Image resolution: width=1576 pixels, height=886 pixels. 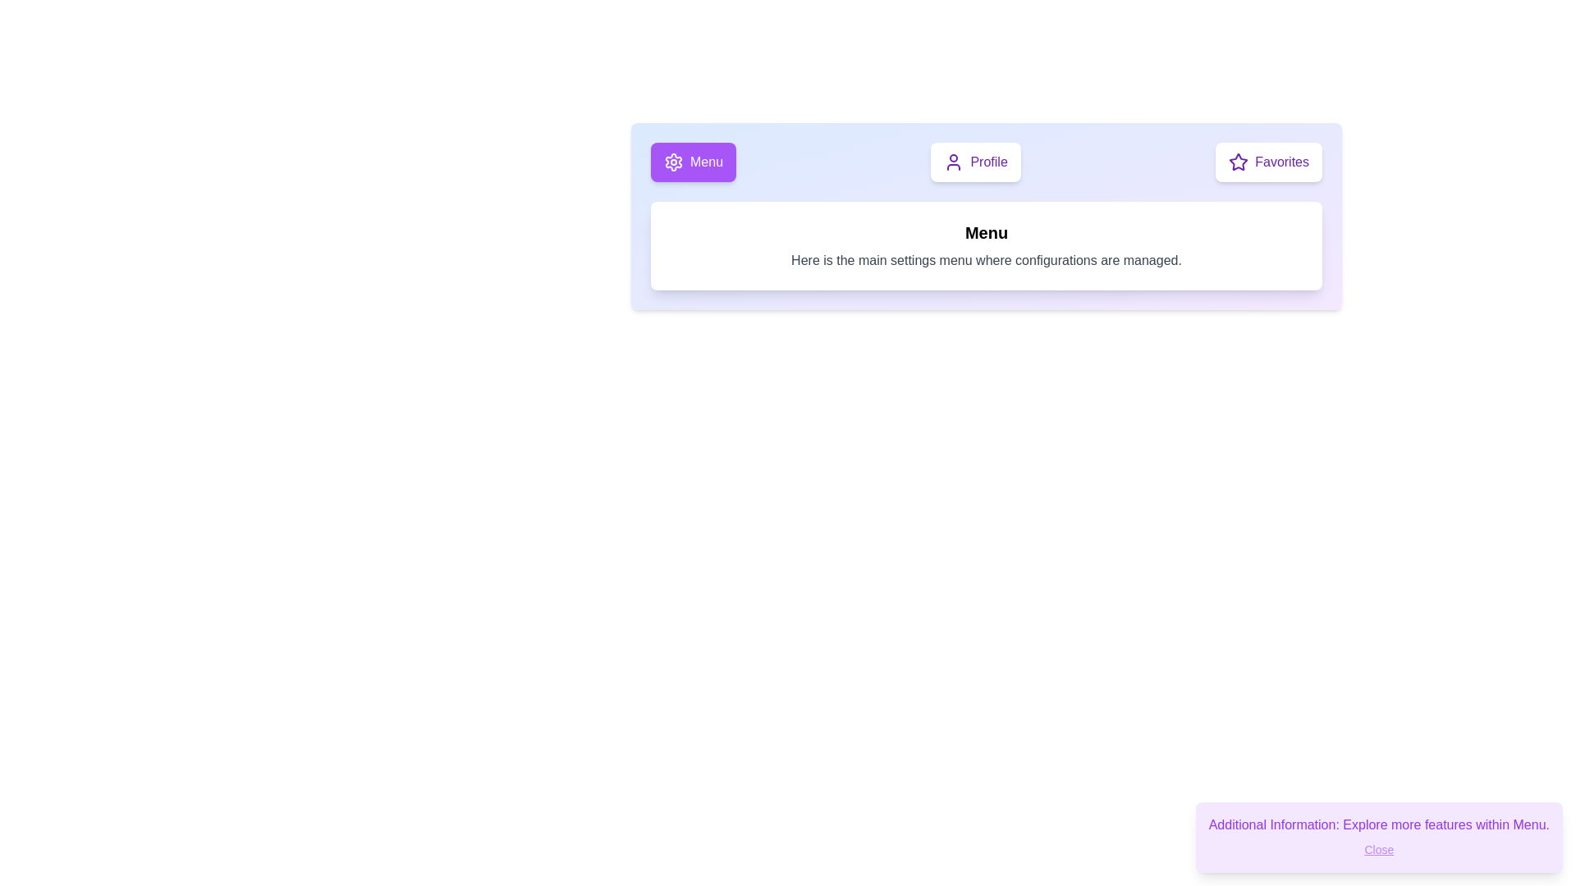 I want to click on the profile icon located inside the 'Profile' button, which is in the center section of a horizontally aligned group of options, so click(x=954, y=162).